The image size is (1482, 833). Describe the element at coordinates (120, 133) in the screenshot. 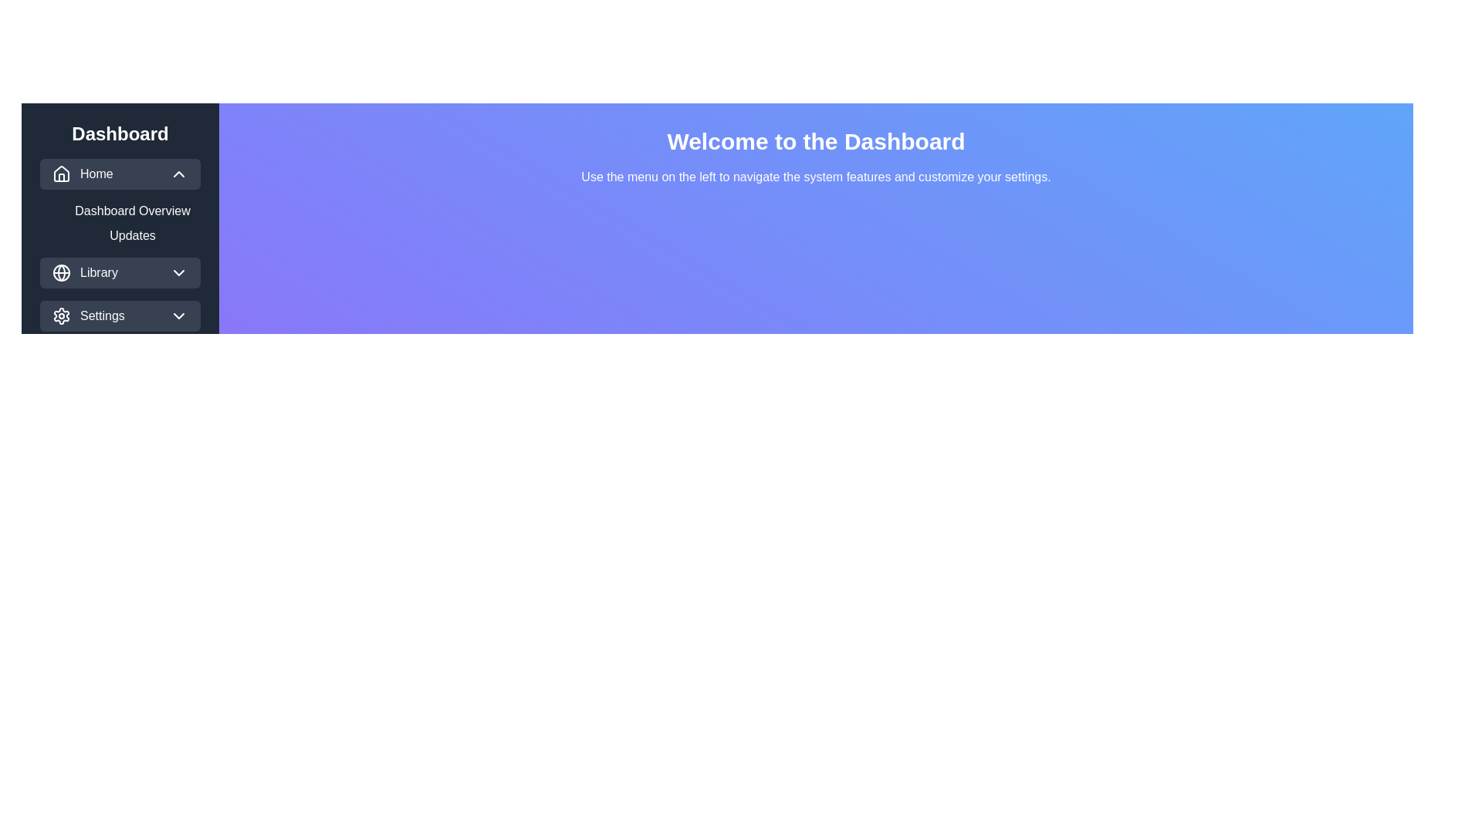

I see `the heading element labeled 'Dashboard' in the sidebar, which is styled with a large and bold font and serves as a section label` at that location.